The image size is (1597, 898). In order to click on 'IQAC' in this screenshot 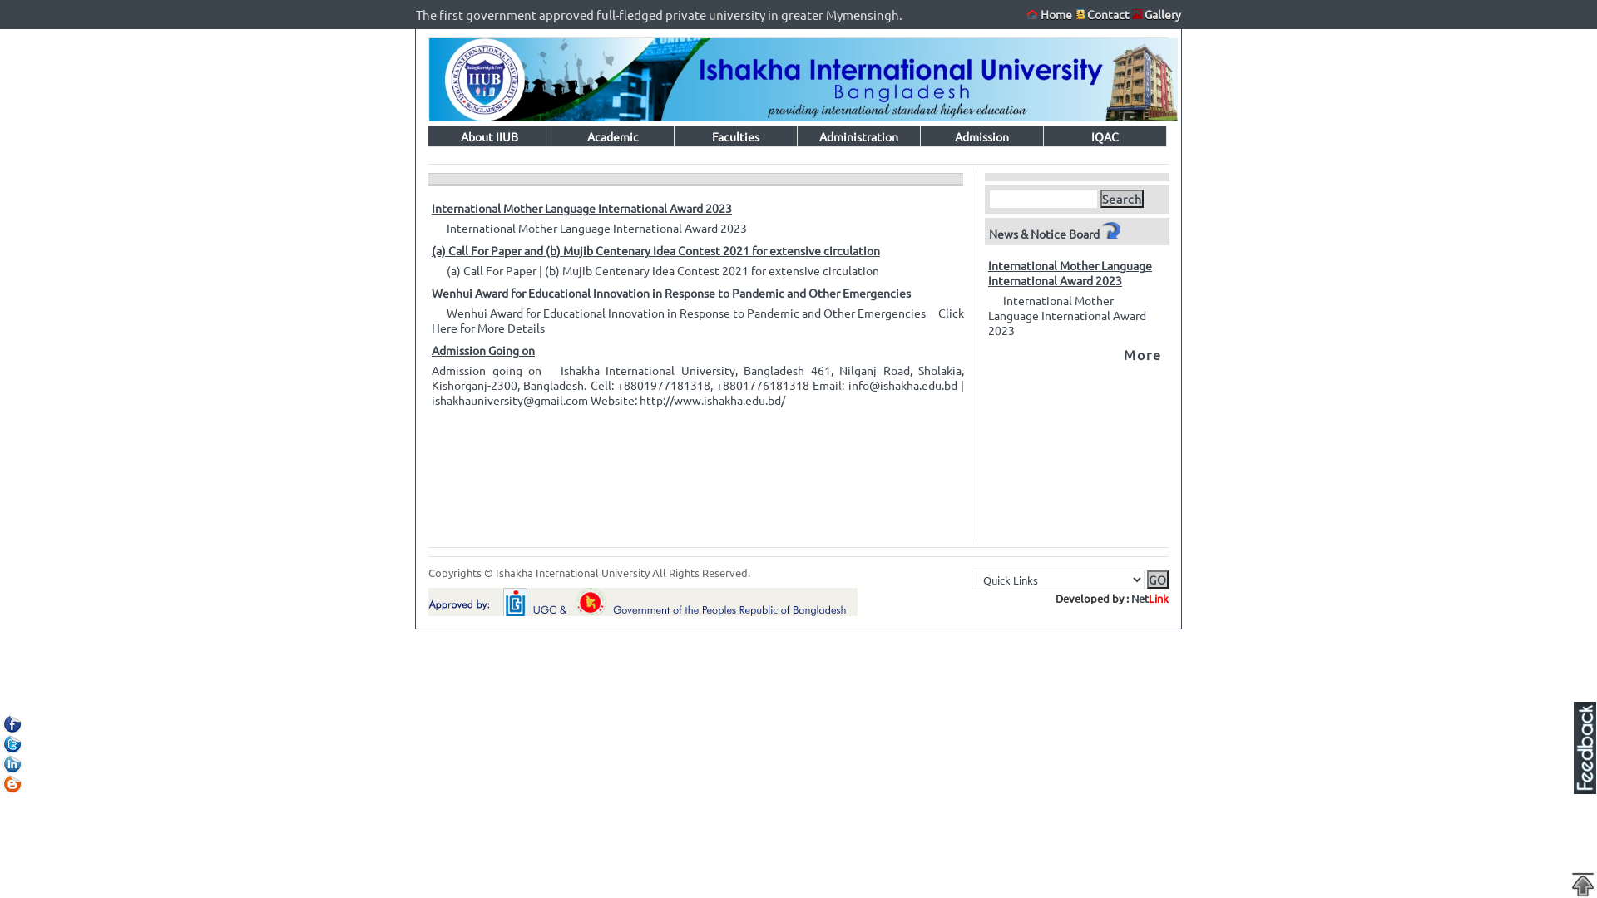, I will do `click(1105, 136)`.